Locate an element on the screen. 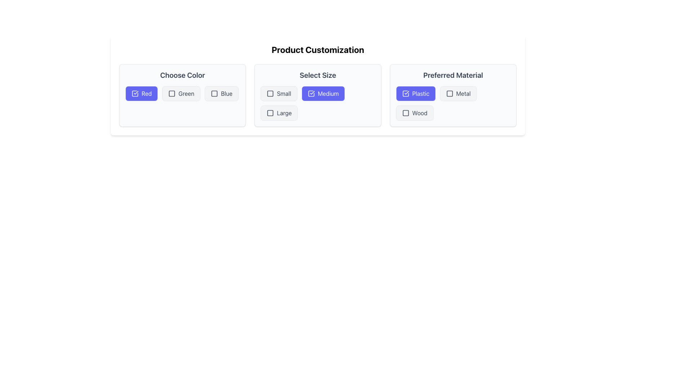  text label indicating the option 'Large' located in the 'Select Size' group in the central panel of the interface is located at coordinates (284, 113).